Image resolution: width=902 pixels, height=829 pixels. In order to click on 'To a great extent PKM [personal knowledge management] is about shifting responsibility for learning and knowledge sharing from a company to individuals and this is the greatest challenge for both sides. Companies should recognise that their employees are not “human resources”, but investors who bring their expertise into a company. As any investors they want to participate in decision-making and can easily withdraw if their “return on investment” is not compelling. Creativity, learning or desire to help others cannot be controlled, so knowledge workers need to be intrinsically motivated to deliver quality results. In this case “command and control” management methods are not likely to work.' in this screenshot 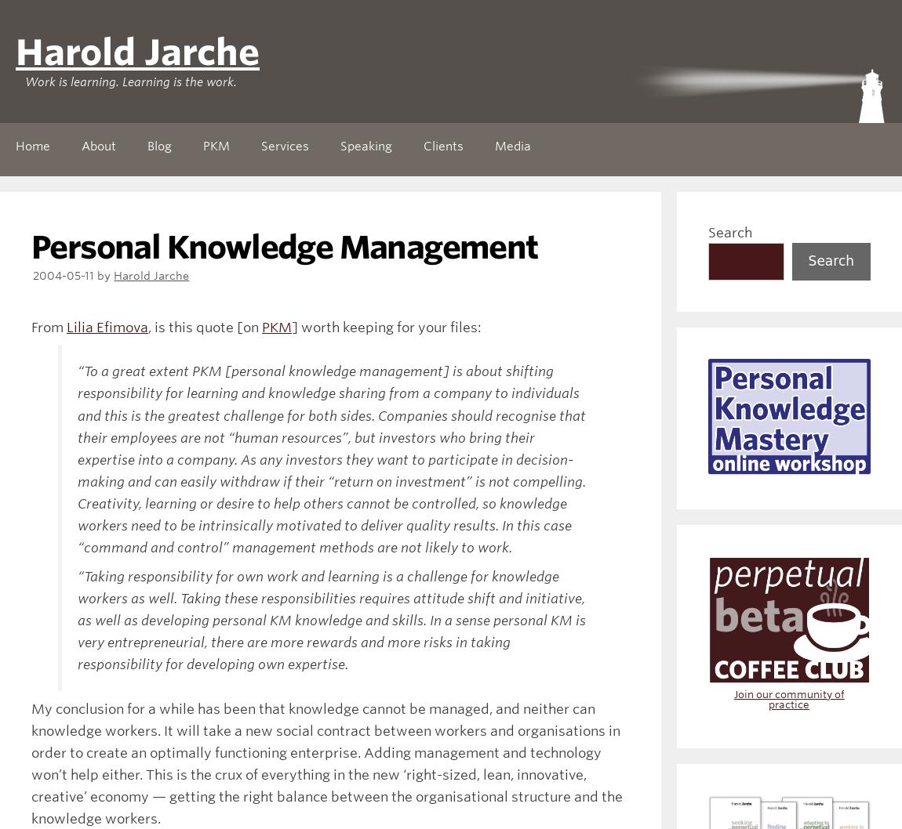, I will do `click(331, 459)`.